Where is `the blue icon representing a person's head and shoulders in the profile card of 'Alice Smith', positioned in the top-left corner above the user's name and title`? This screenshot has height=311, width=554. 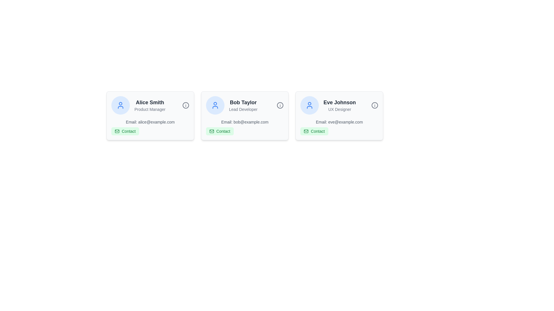
the blue icon representing a person's head and shoulders in the profile card of 'Alice Smith', positioned in the top-left corner above the user's name and title is located at coordinates (120, 107).